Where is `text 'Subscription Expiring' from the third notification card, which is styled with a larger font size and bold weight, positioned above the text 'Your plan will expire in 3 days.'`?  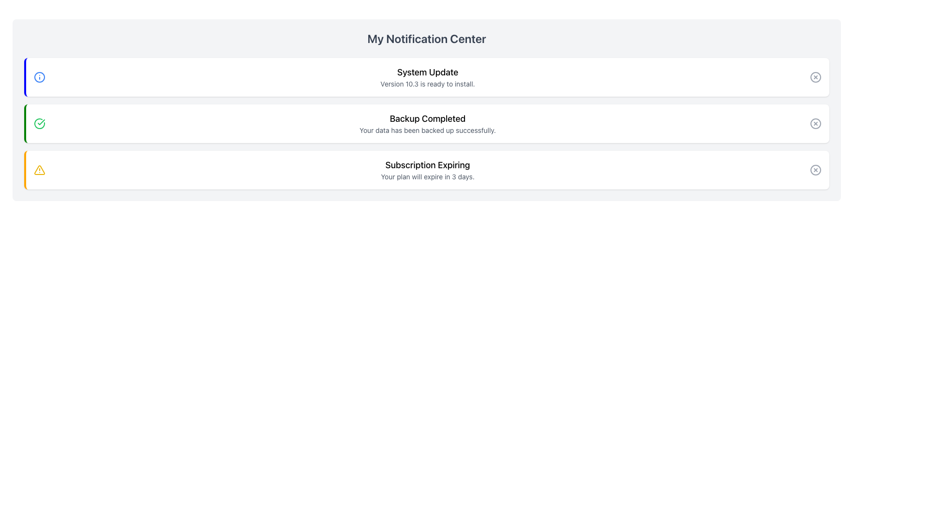
text 'Subscription Expiring' from the third notification card, which is styled with a larger font size and bold weight, positioned above the text 'Your plan will expire in 3 days.' is located at coordinates (427, 165).